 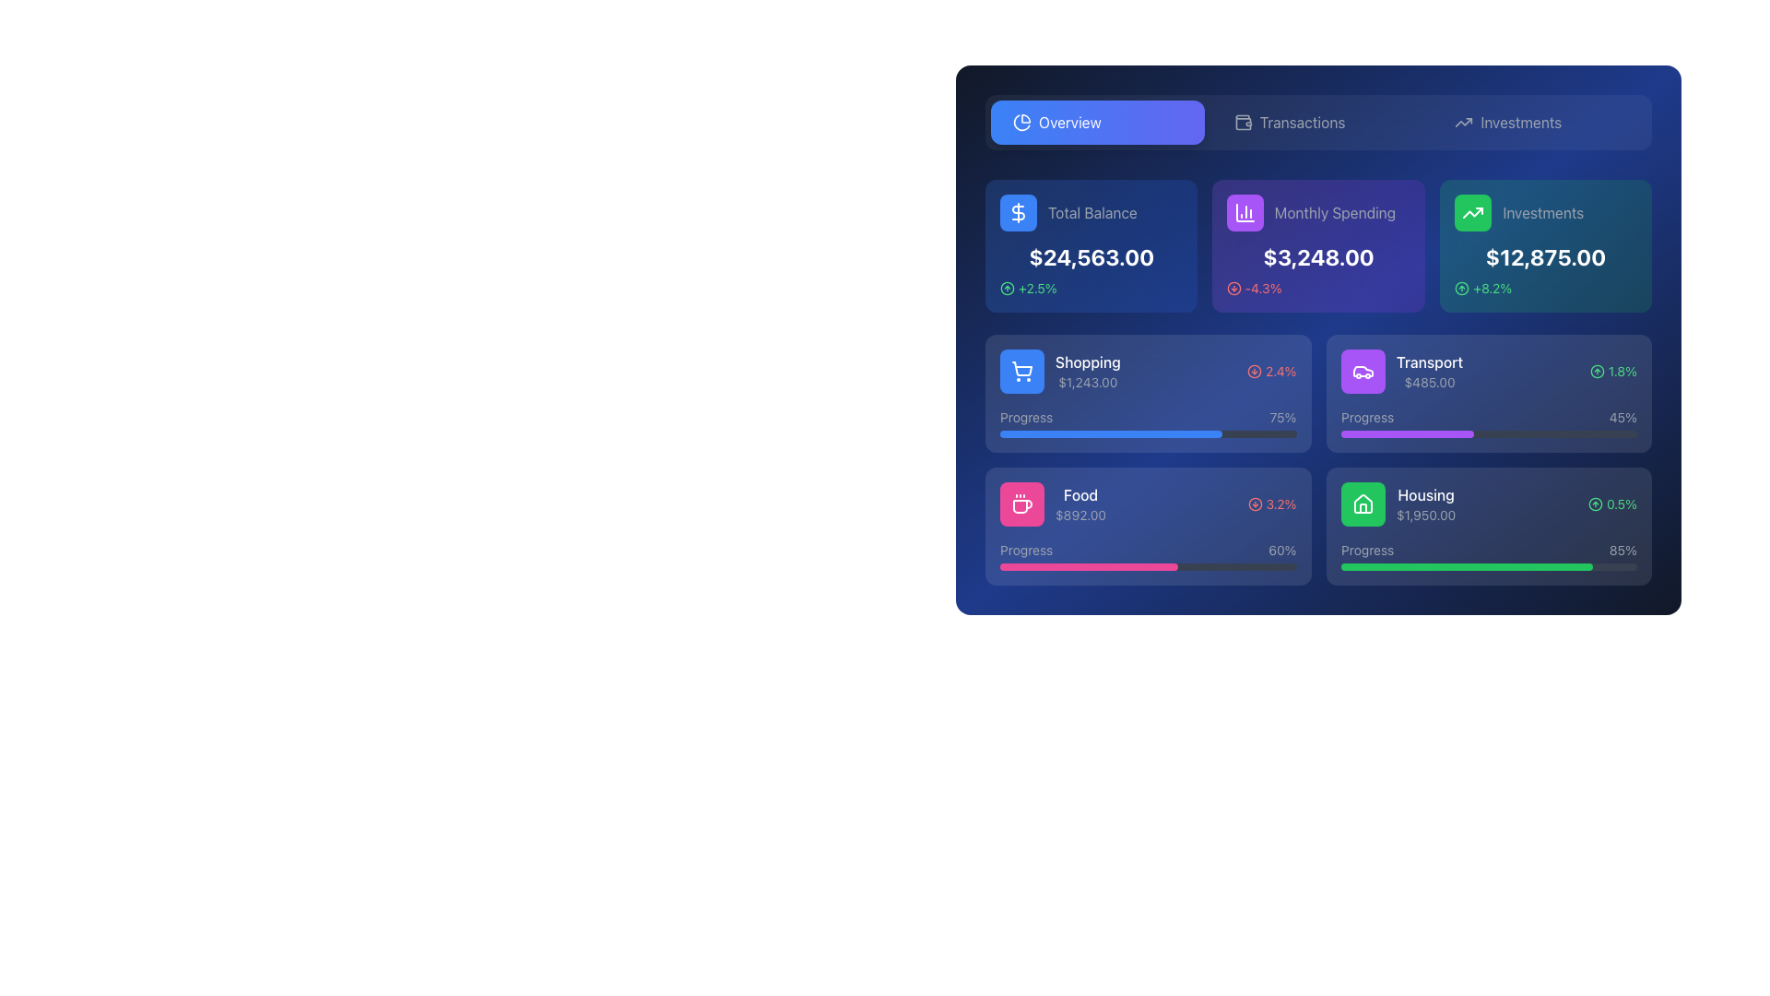 I want to click on the Progress bar element displaying 'Progress' on the left and '45%' on the right, which is located in the 'Transport' section of the interface, so click(x=1489, y=423).